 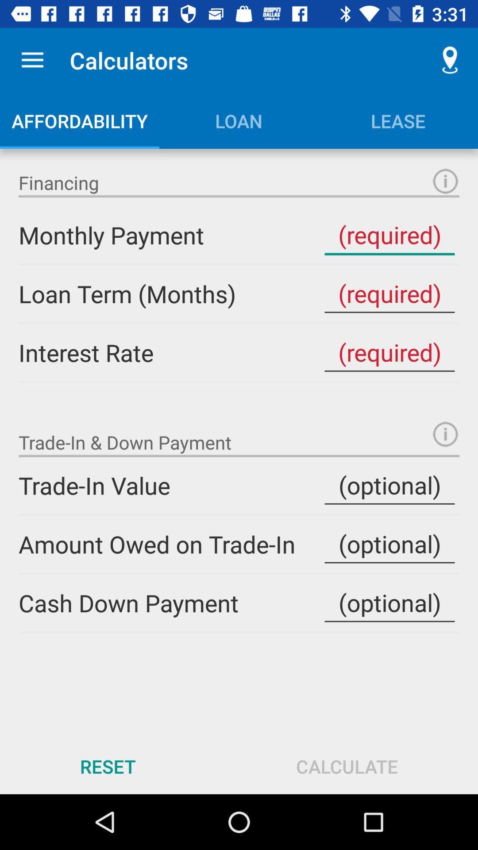 I want to click on item next to calculators icon, so click(x=32, y=60).